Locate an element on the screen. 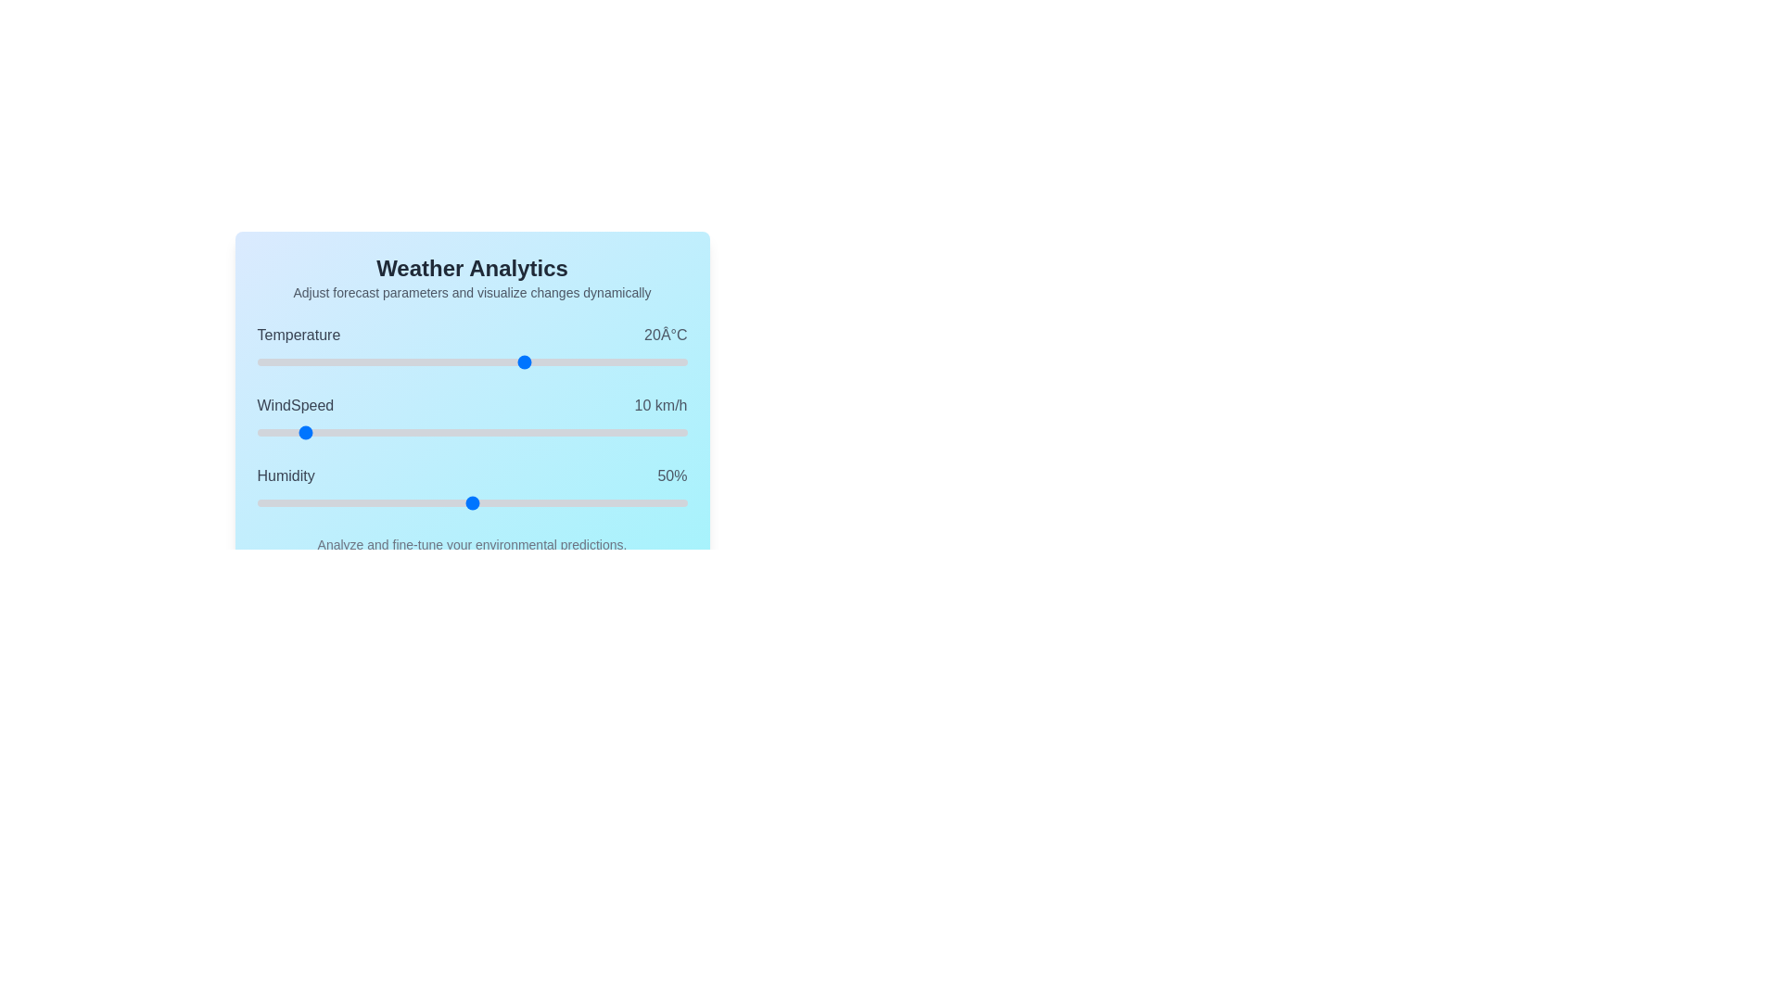 Image resolution: width=1780 pixels, height=1001 pixels. the temperature slider to set the value to 7°C is located at coordinates (456, 361).